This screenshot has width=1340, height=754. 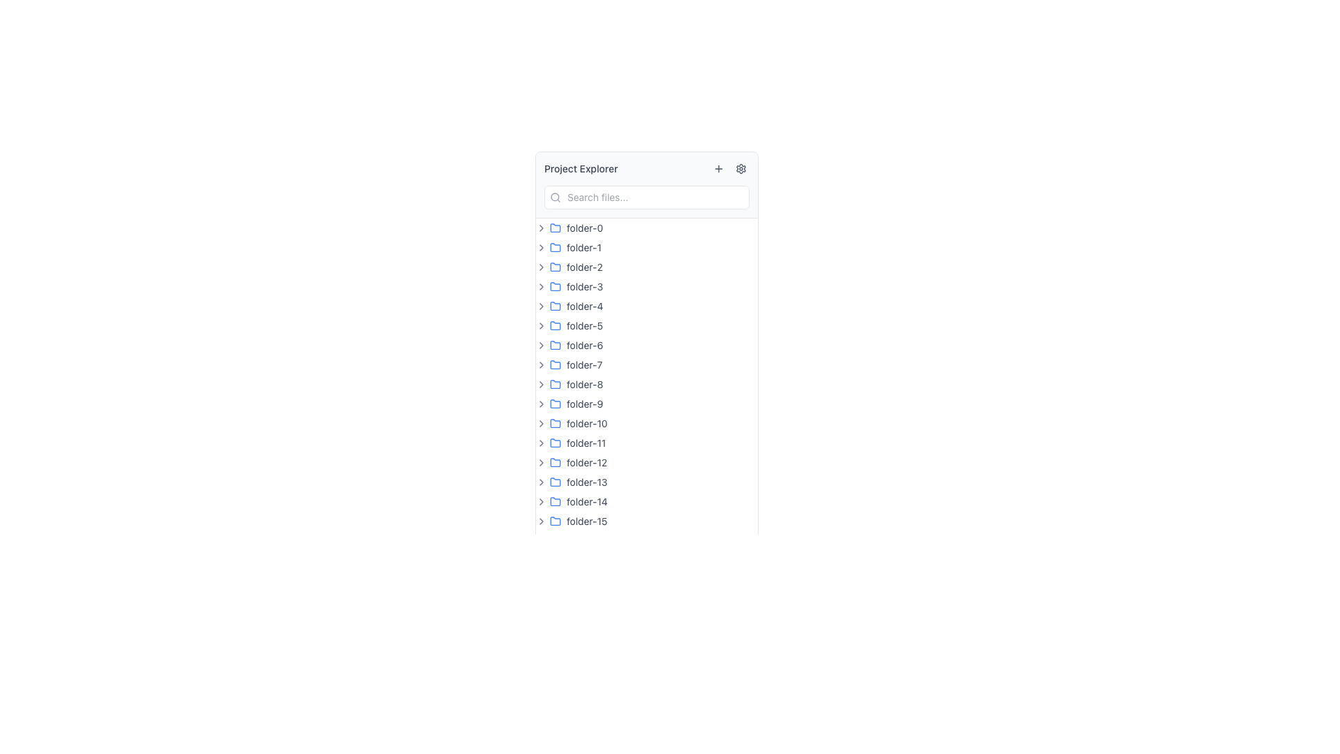 I want to click on the folder icon with a blue border, characterized by its rounded top left corner, located to the left of the text 'folder-10', so click(x=555, y=422).